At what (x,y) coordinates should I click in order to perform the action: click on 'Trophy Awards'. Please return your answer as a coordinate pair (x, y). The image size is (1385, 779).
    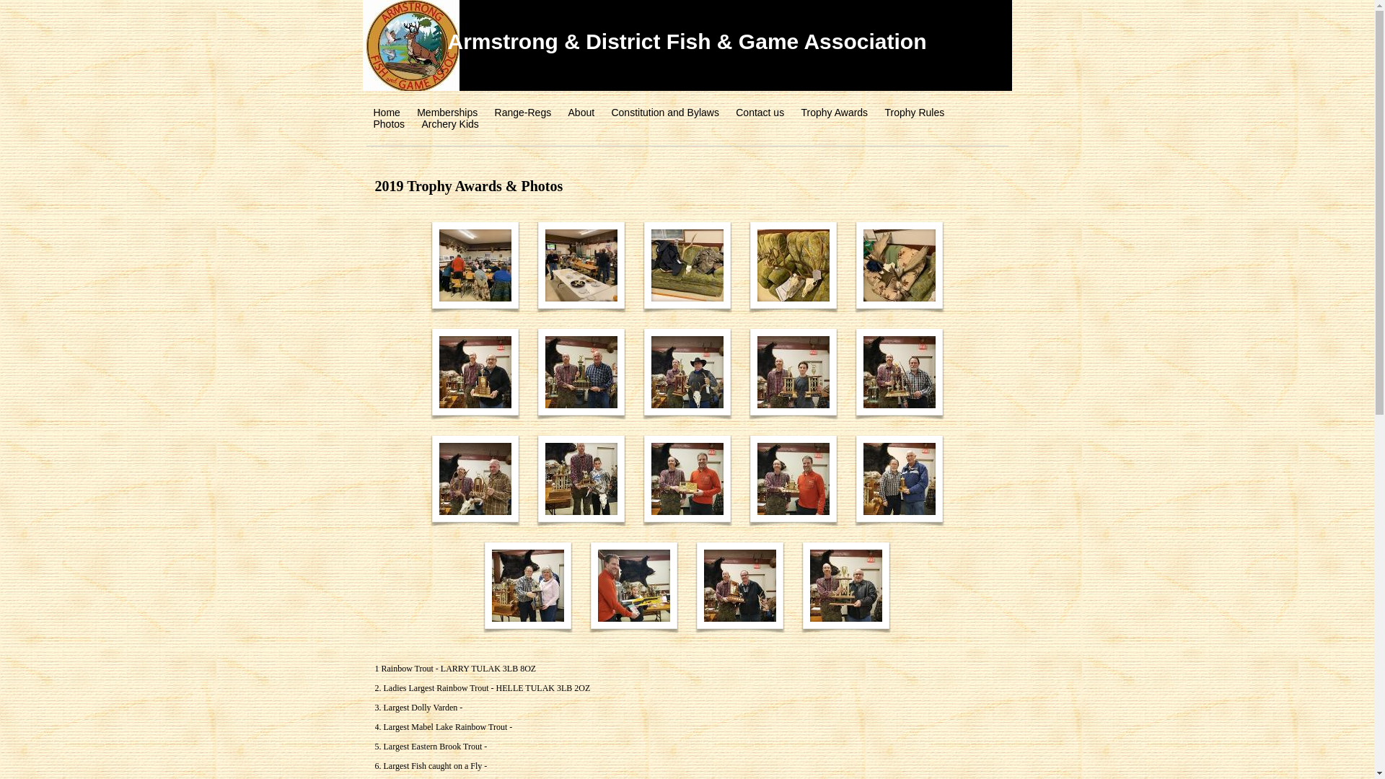
    Looking at the image, I should click on (800, 111).